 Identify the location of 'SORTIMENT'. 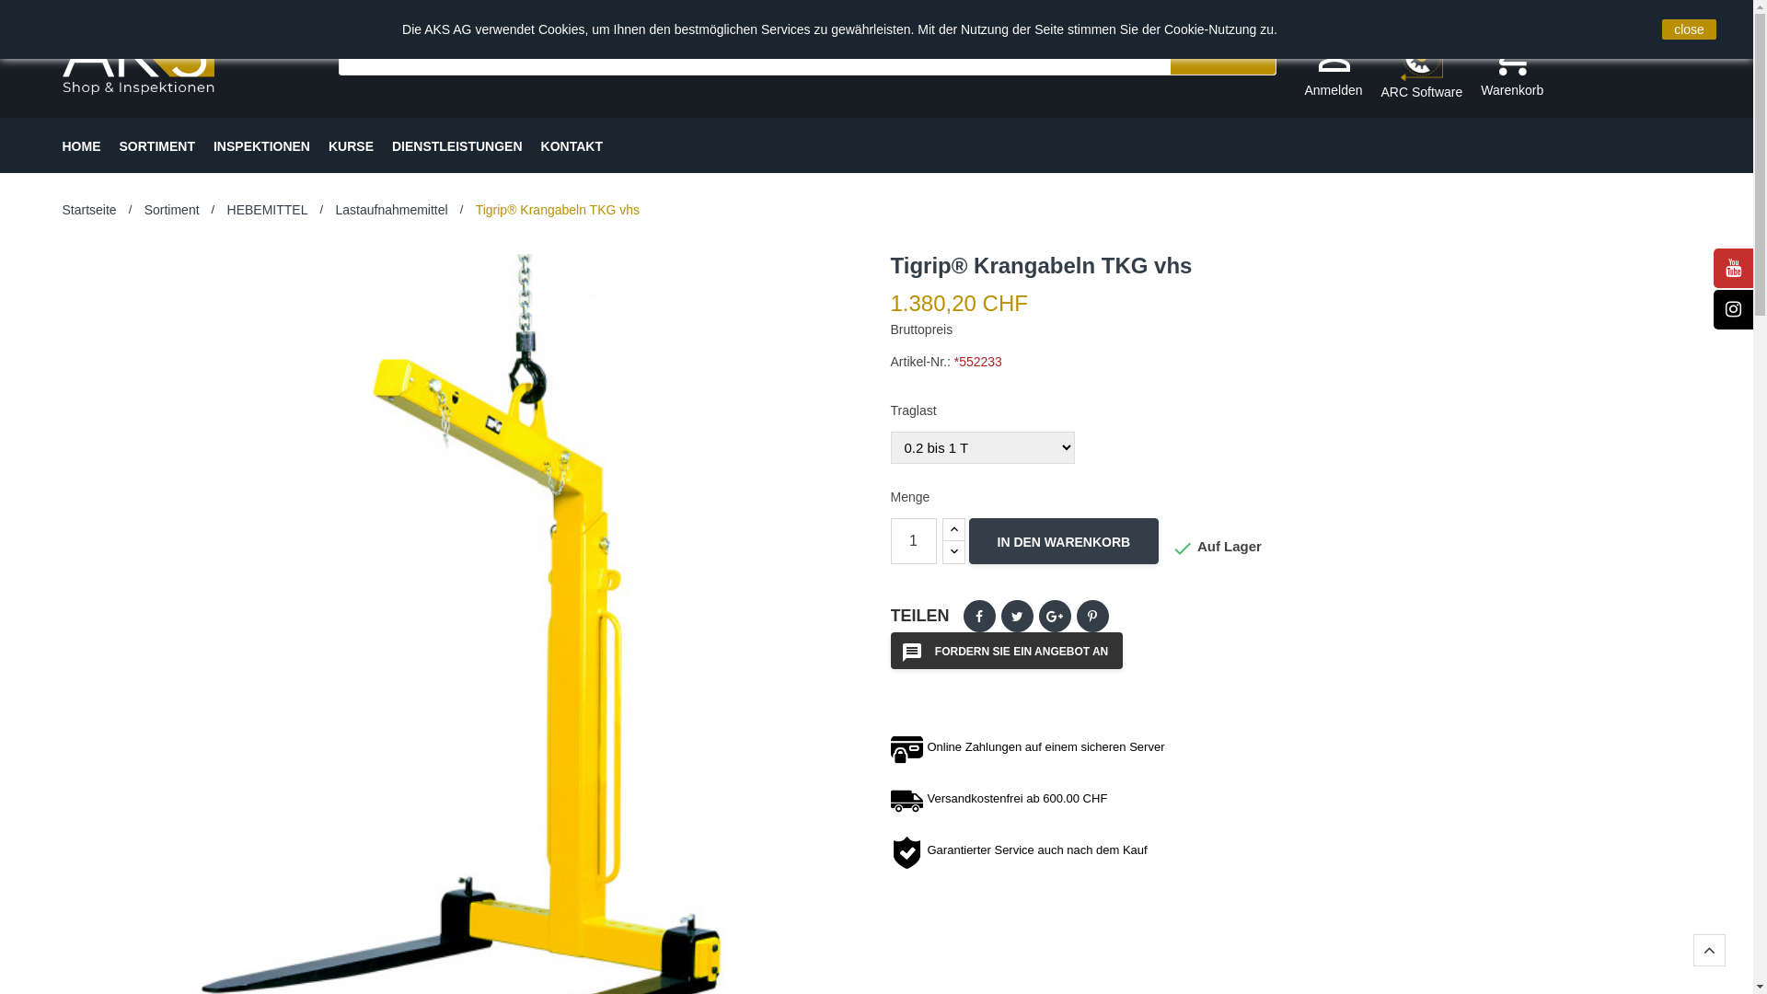
(157, 144).